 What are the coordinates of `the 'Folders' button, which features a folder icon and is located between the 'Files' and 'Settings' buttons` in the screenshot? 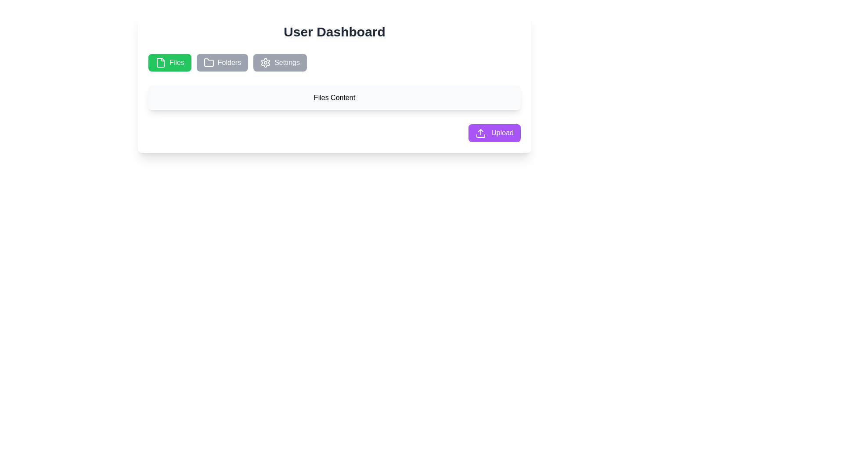 It's located at (222, 62).